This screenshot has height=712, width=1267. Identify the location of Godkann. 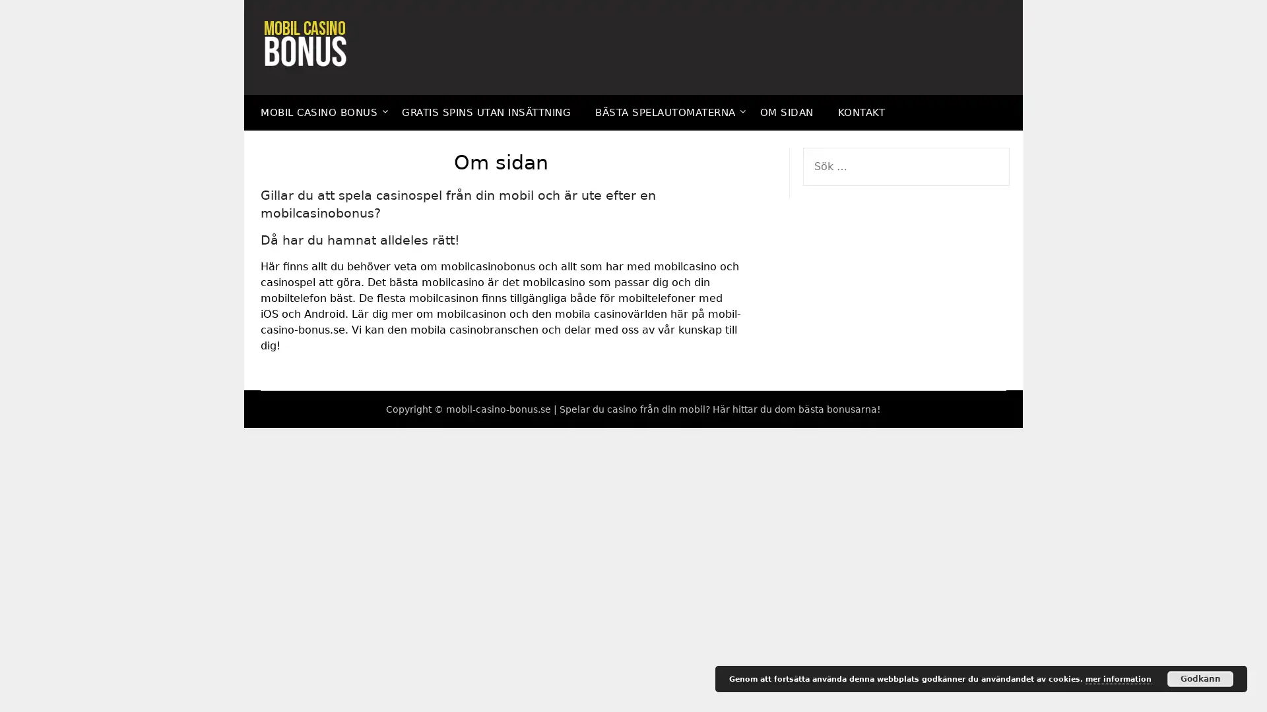
(1200, 678).